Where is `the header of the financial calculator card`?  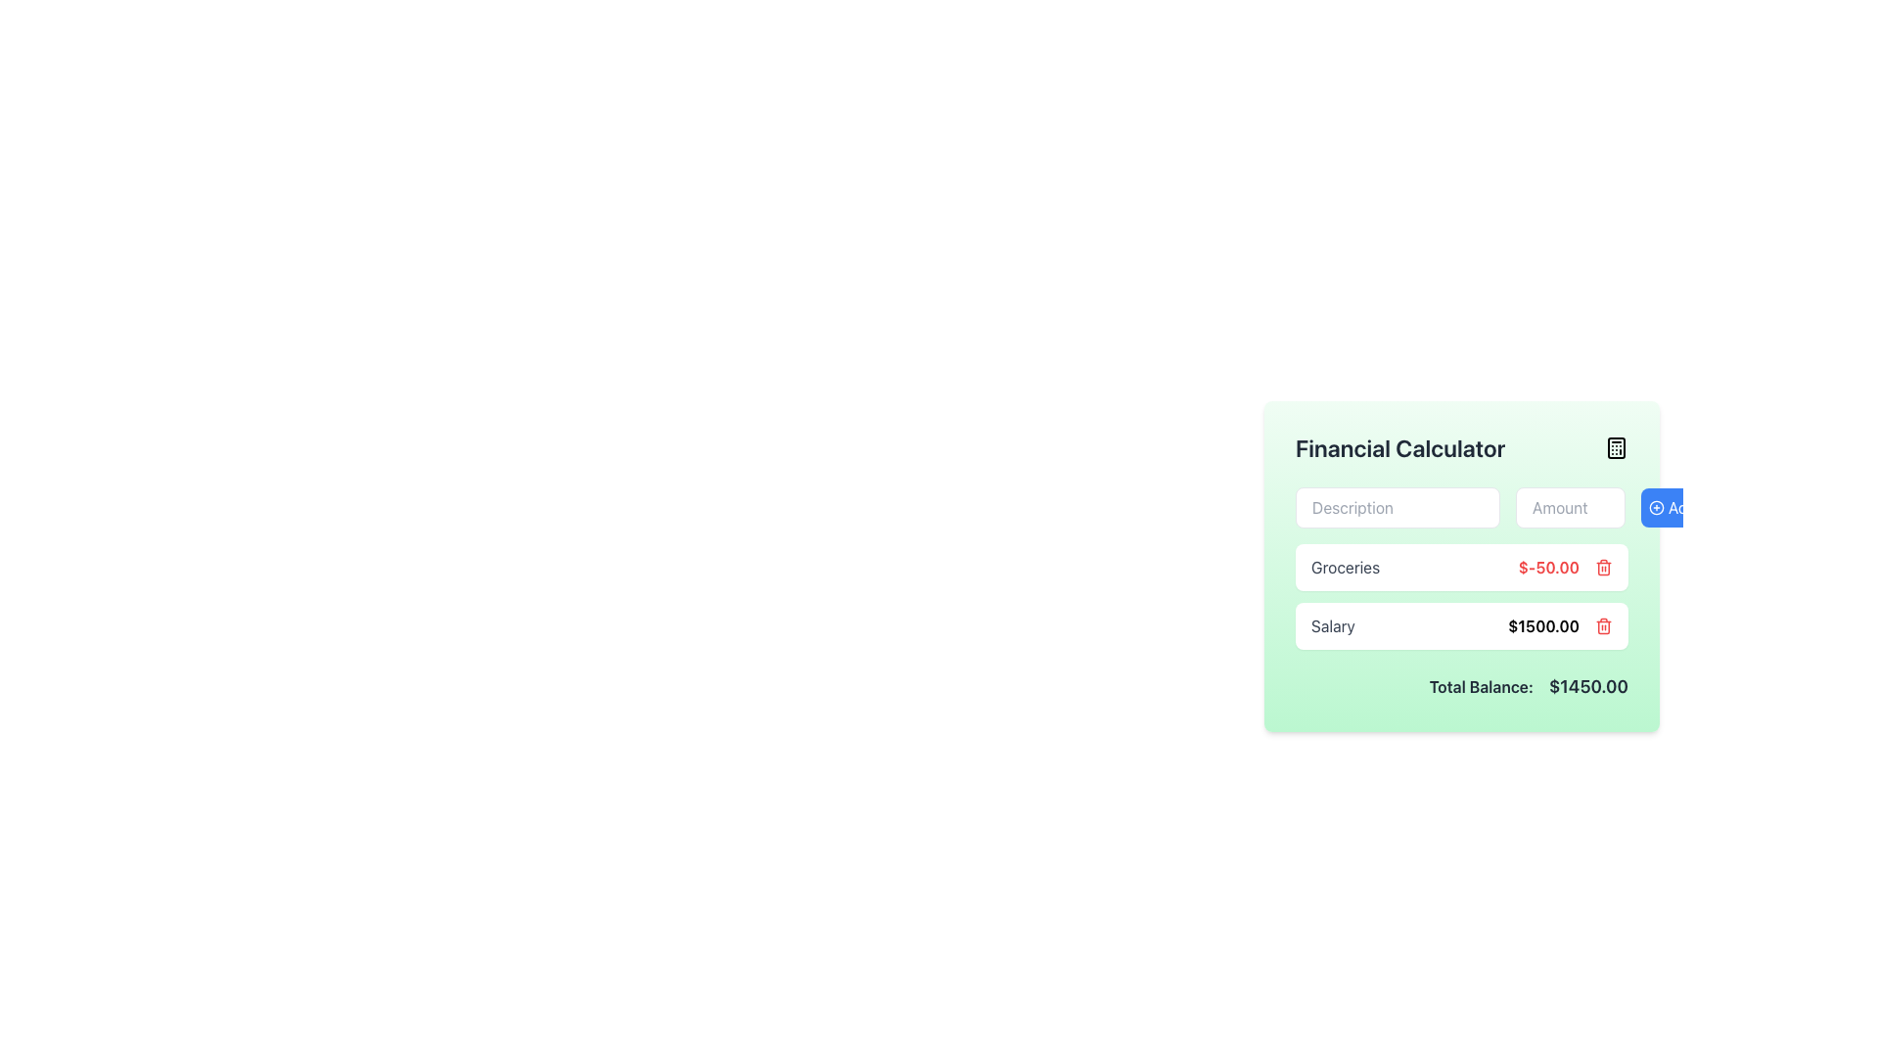 the header of the financial calculator card is located at coordinates (1461, 448).